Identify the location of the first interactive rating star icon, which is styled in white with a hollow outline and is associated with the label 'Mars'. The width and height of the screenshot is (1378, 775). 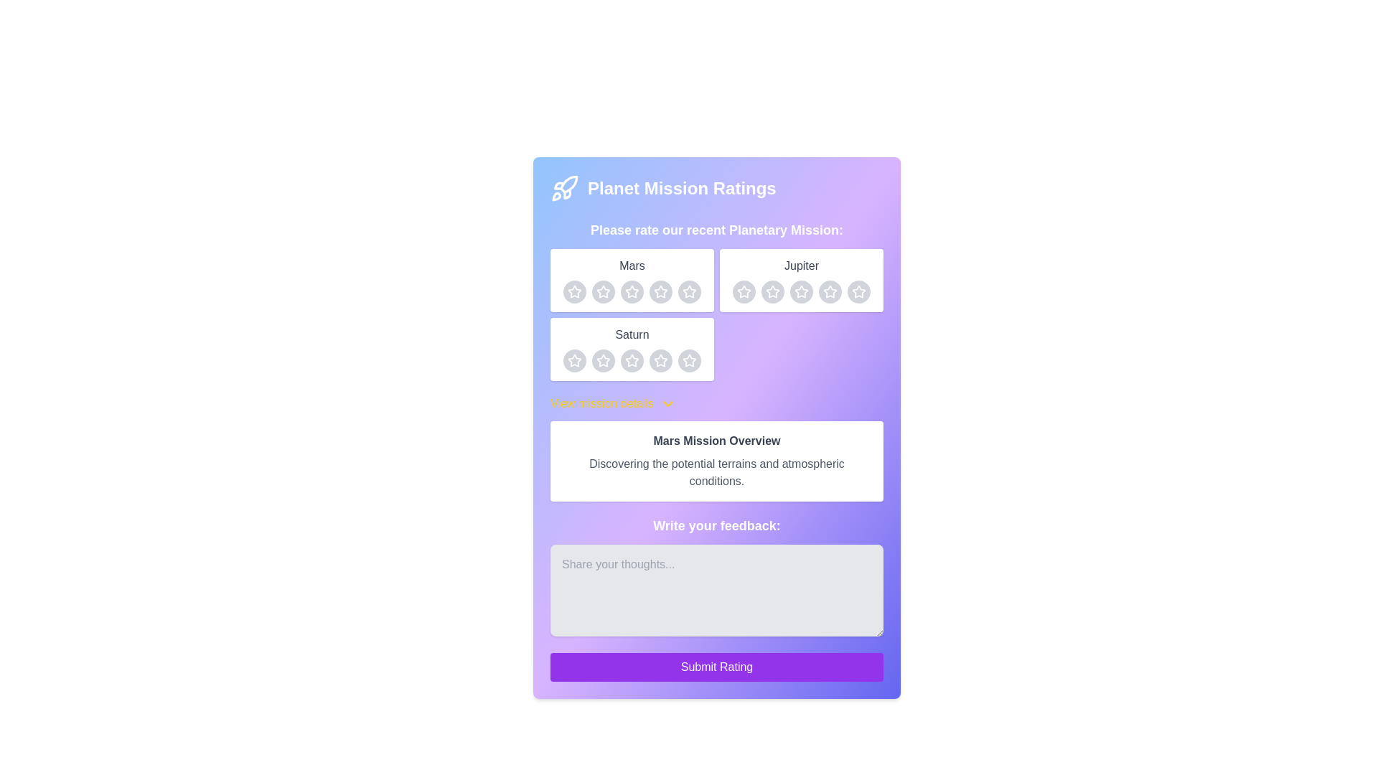
(603, 291).